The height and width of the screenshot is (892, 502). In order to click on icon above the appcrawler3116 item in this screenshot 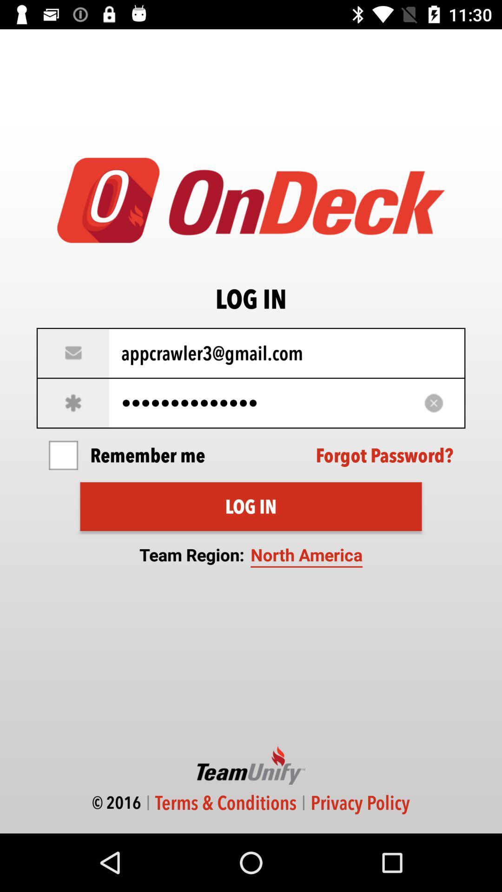, I will do `click(251, 353)`.